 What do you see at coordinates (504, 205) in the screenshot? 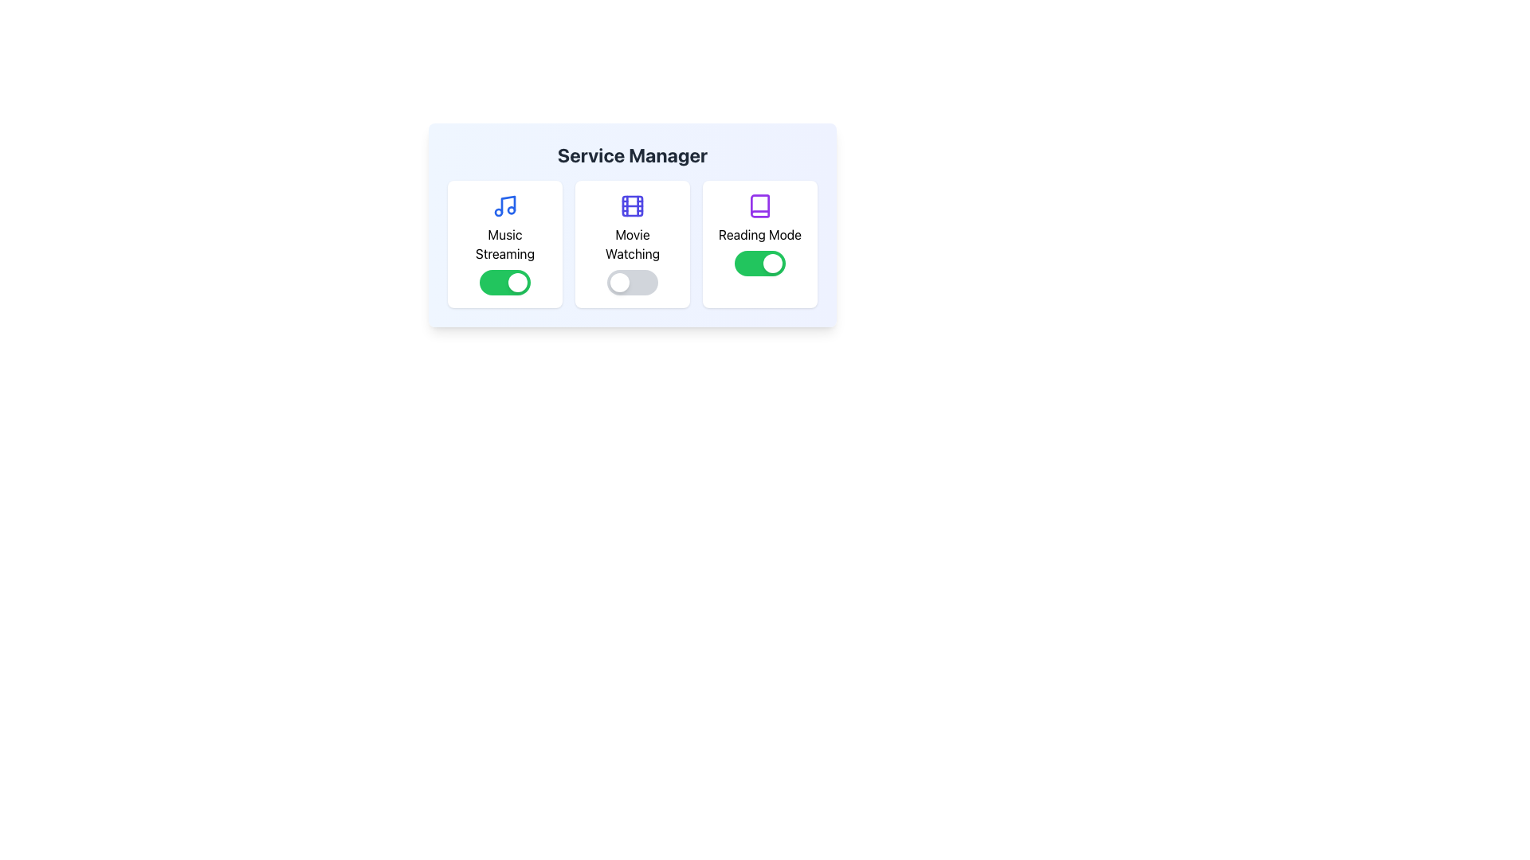
I see `the blue music note icon located at the top center of the 'Music Streaming' section within the 'Service Manager' interface` at bounding box center [504, 205].